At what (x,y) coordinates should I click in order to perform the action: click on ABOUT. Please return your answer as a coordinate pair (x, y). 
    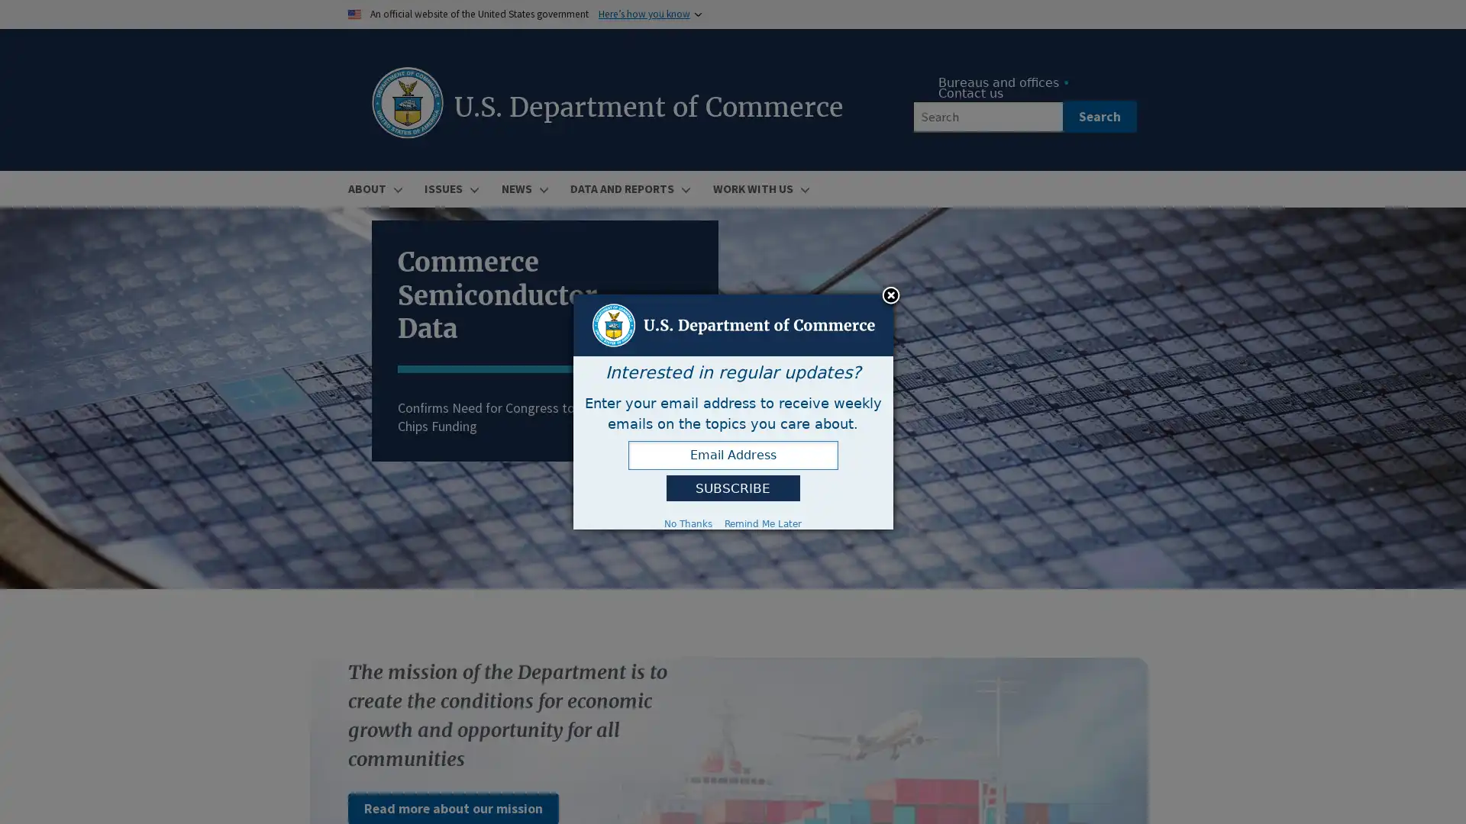
    Looking at the image, I should click on (373, 188).